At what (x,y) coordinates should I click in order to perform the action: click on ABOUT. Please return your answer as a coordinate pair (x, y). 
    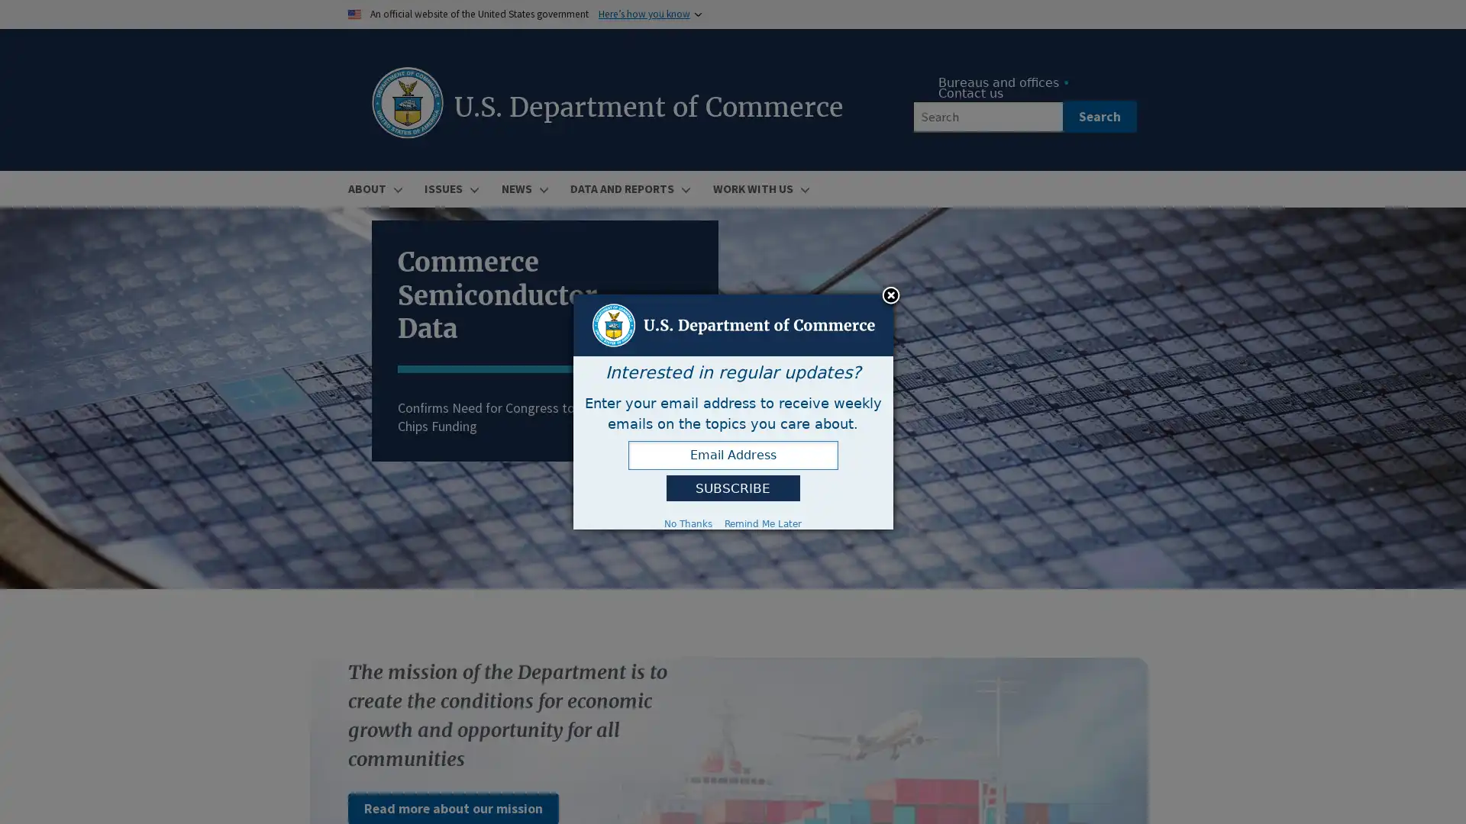
    Looking at the image, I should click on (373, 188).